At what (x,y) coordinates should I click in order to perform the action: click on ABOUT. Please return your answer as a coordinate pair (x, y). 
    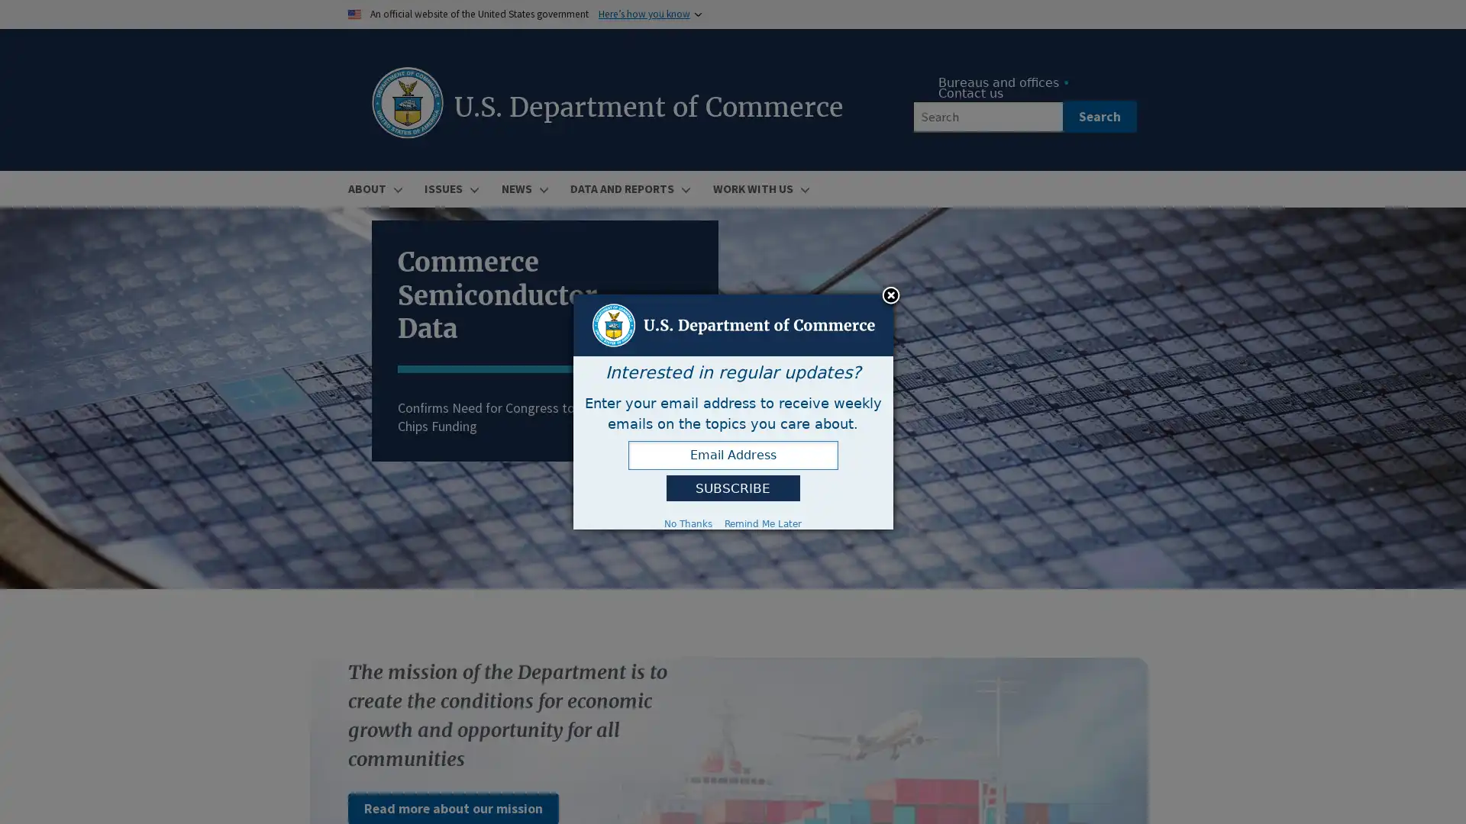
    Looking at the image, I should click on (373, 188).